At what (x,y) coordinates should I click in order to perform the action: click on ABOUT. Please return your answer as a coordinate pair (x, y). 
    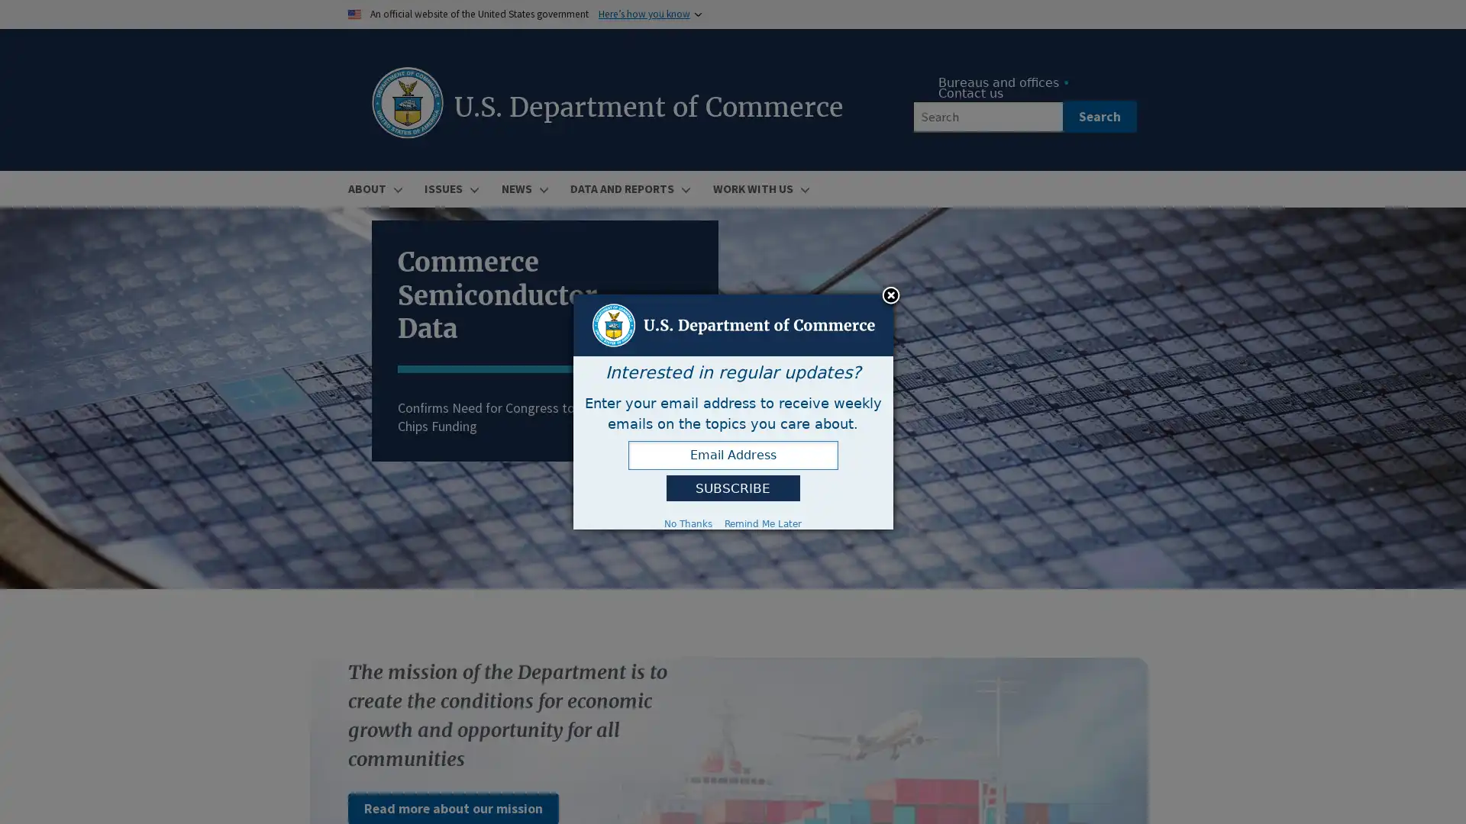
    Looking at the image, I should click on (373, 188).